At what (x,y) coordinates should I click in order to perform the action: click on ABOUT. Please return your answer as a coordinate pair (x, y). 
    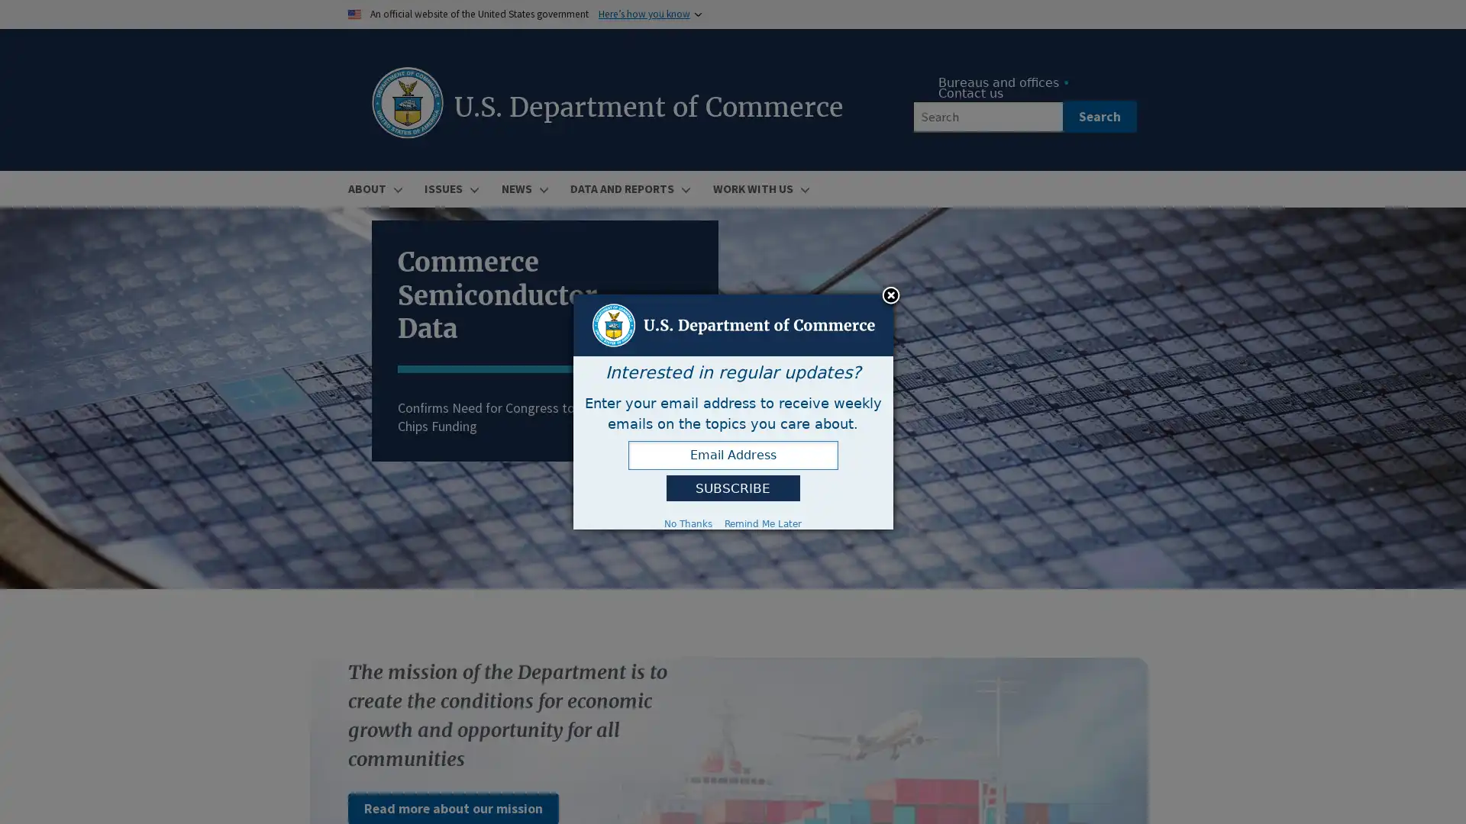
    Looking at the image, I should click on (373, 188).